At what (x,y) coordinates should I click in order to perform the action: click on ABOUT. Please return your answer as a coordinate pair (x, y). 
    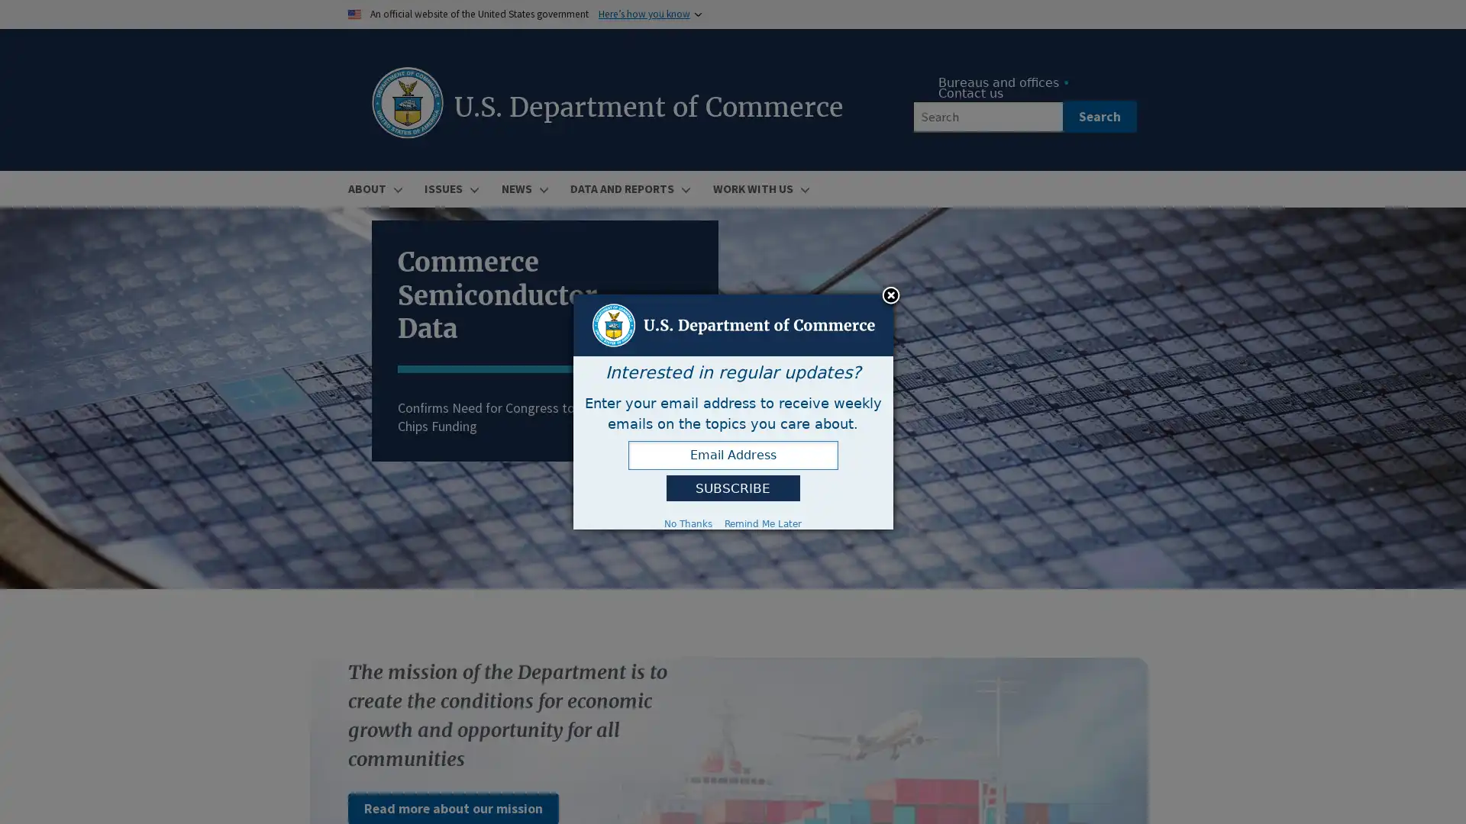
    Looking at the image, I should click on (373, 188).